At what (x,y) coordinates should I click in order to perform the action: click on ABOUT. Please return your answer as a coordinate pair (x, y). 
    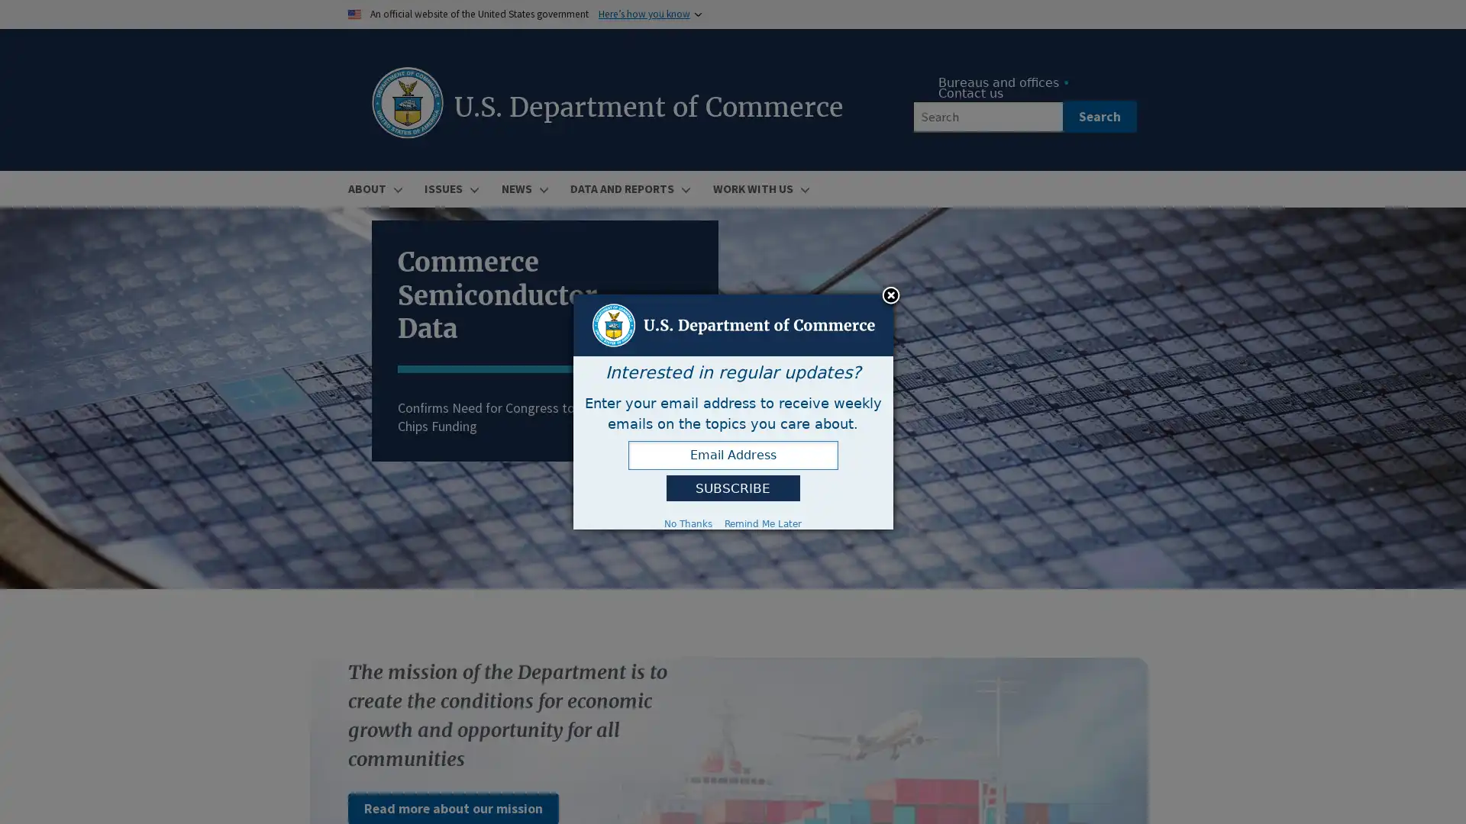
    Looking at the image, I should click on (373, 188).